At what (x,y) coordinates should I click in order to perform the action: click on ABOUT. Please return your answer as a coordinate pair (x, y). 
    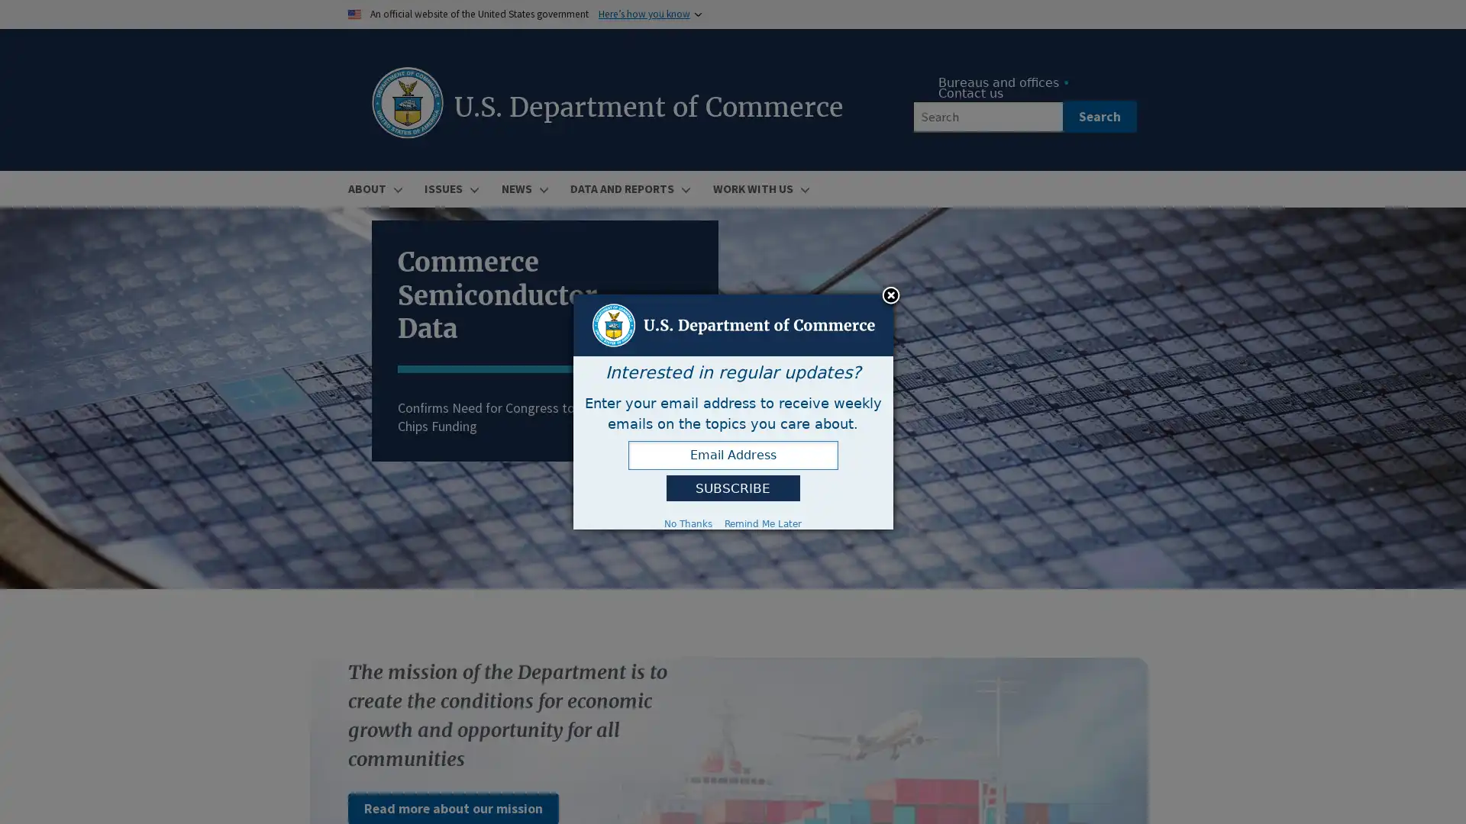
    Looking at the image, I should click on (373, 188).